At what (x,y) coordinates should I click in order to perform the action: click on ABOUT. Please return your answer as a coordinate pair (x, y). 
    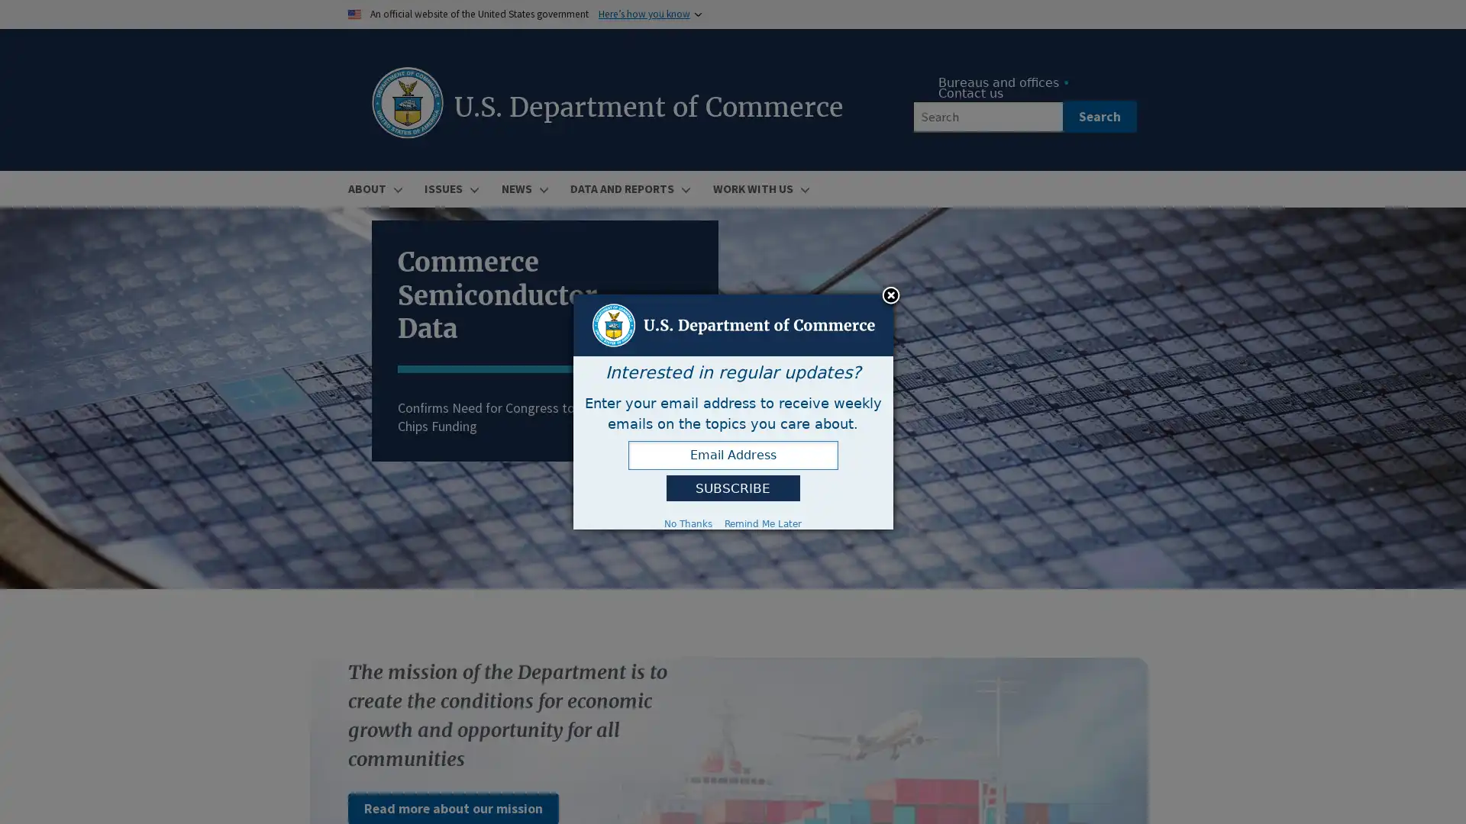
    Looking at the image, I should click on (373, 188).